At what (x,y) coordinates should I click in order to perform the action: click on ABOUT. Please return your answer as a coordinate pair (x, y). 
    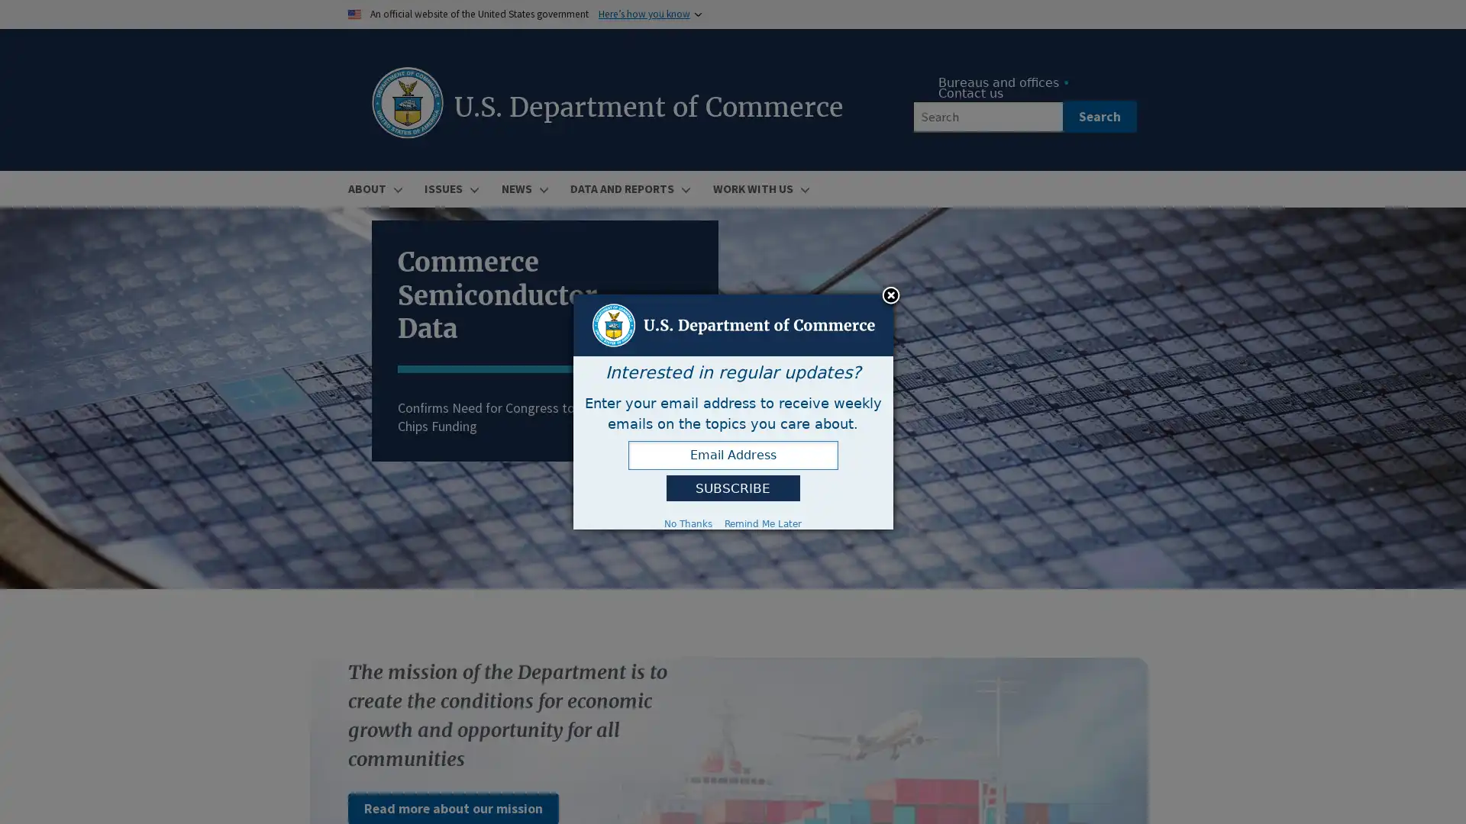
    Looking at the image, I should click on (373, 188).